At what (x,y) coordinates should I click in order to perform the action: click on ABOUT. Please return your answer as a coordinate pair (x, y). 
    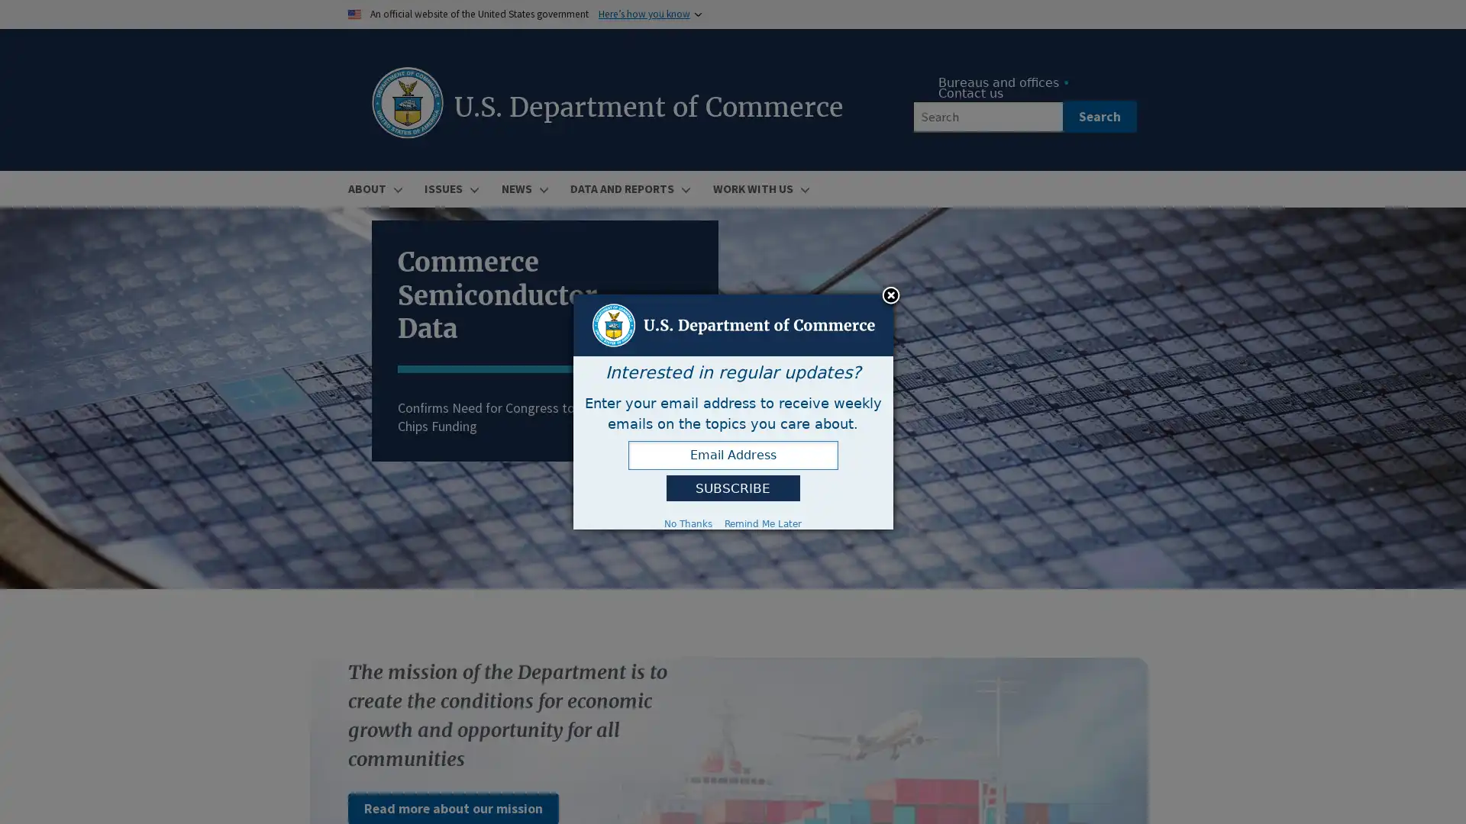
    Looking at the image, I should click on (373, 188).